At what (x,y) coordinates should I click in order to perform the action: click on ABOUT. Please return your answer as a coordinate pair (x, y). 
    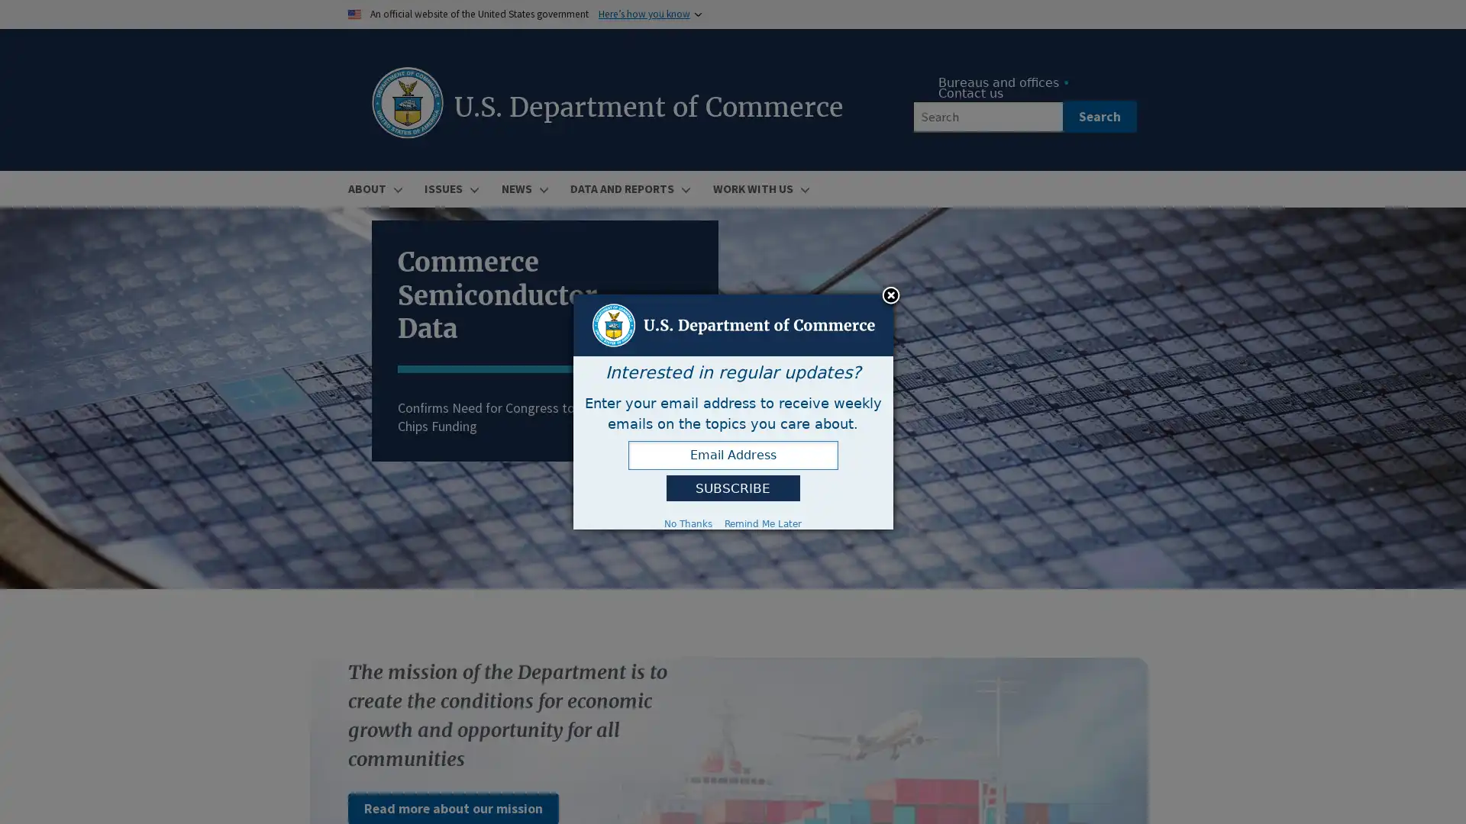
    Looking at the image, I should click on (373, 188).